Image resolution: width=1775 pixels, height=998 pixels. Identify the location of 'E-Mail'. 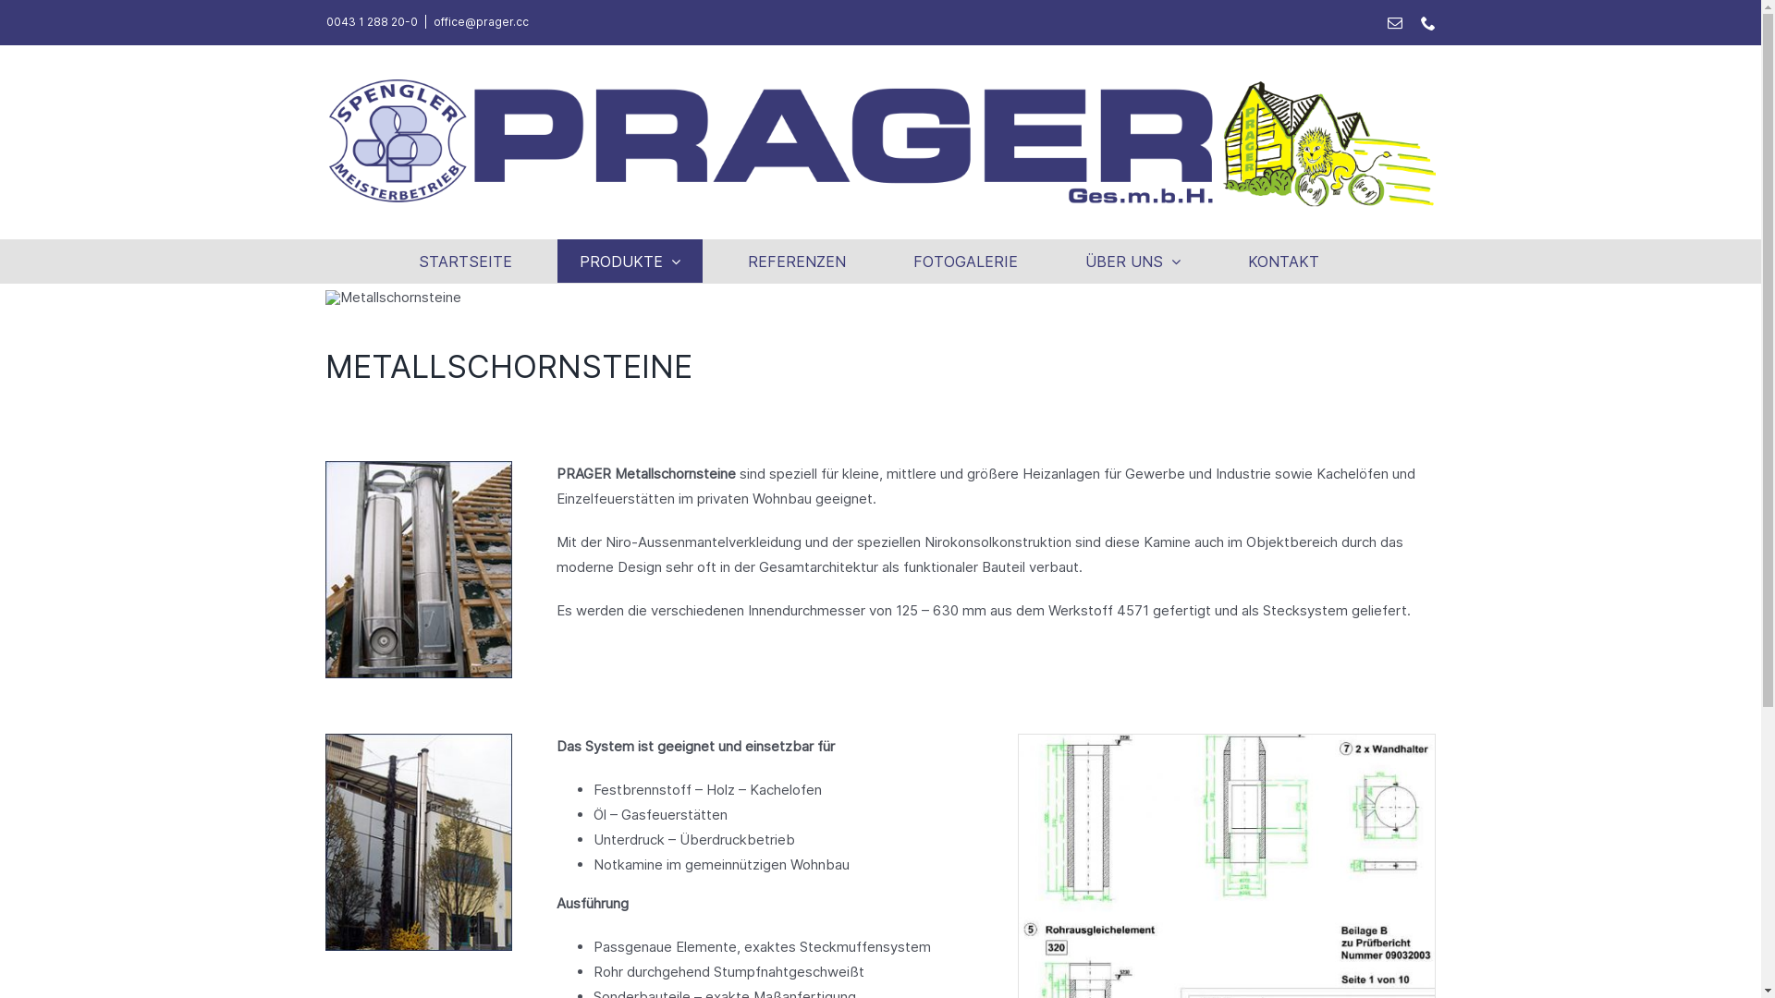
(1393, 21).